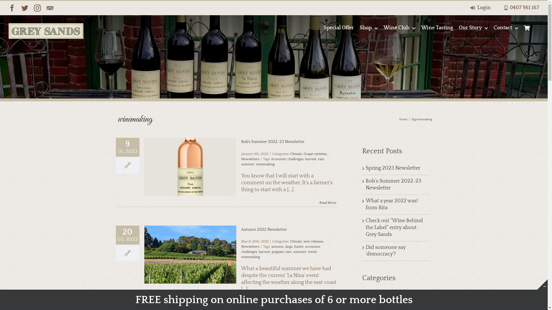 The image size is (552, 310). What do you see at coordinates (315, 154) in the screenshot?
I see `'Grape varieties'` at bounding box center [315, 154].